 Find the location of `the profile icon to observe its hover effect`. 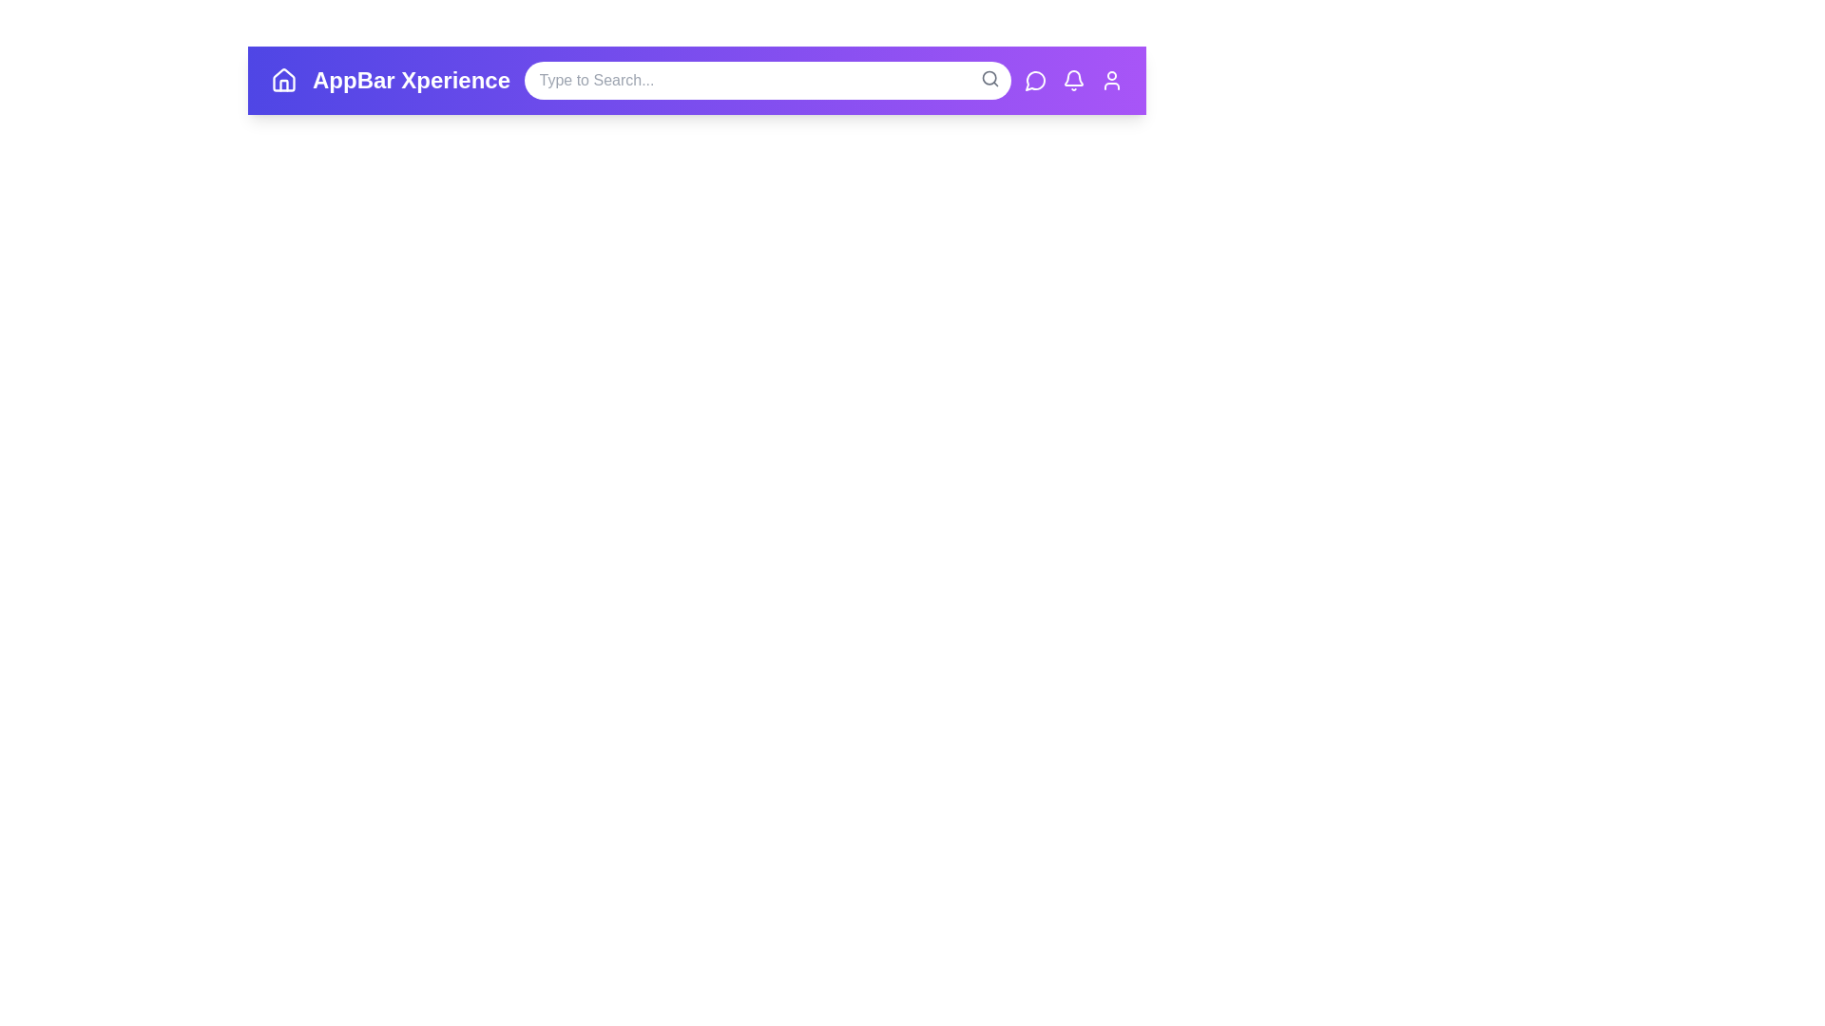

the profile icon to observe its hover effect is located at coordinates (1111, 79).